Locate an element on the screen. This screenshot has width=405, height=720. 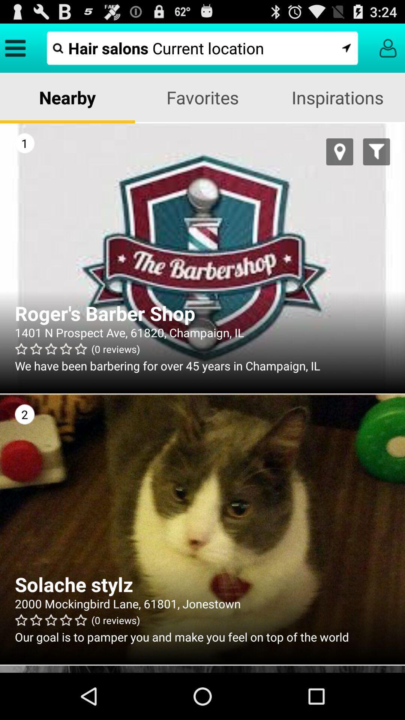
item above nearby app is located at coordinates (202, 48).